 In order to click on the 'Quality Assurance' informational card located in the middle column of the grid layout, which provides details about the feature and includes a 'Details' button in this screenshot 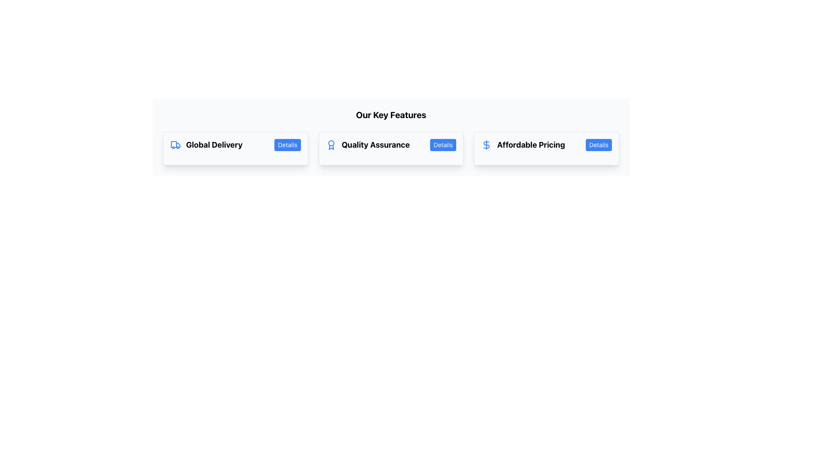, I will do `click(391, 148)`.